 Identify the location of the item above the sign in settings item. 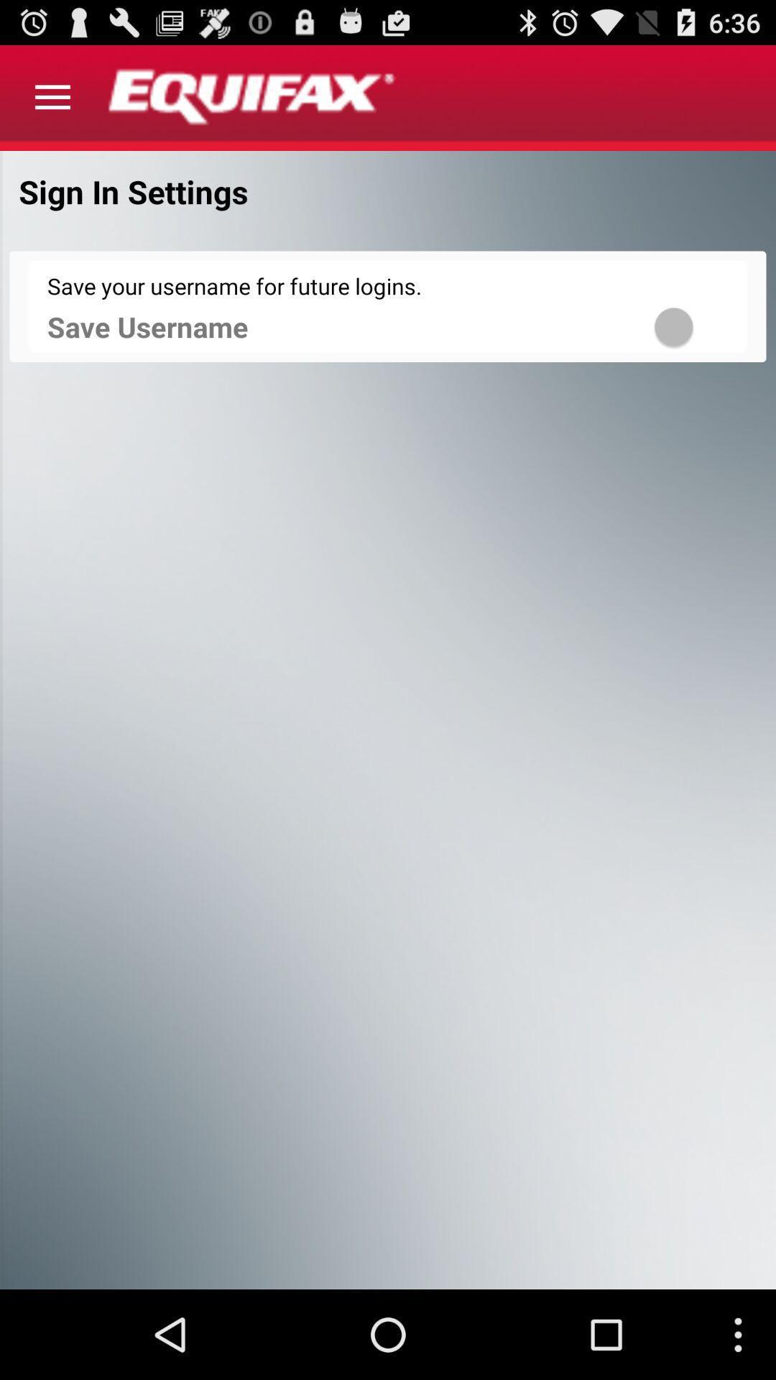
(52, 97).